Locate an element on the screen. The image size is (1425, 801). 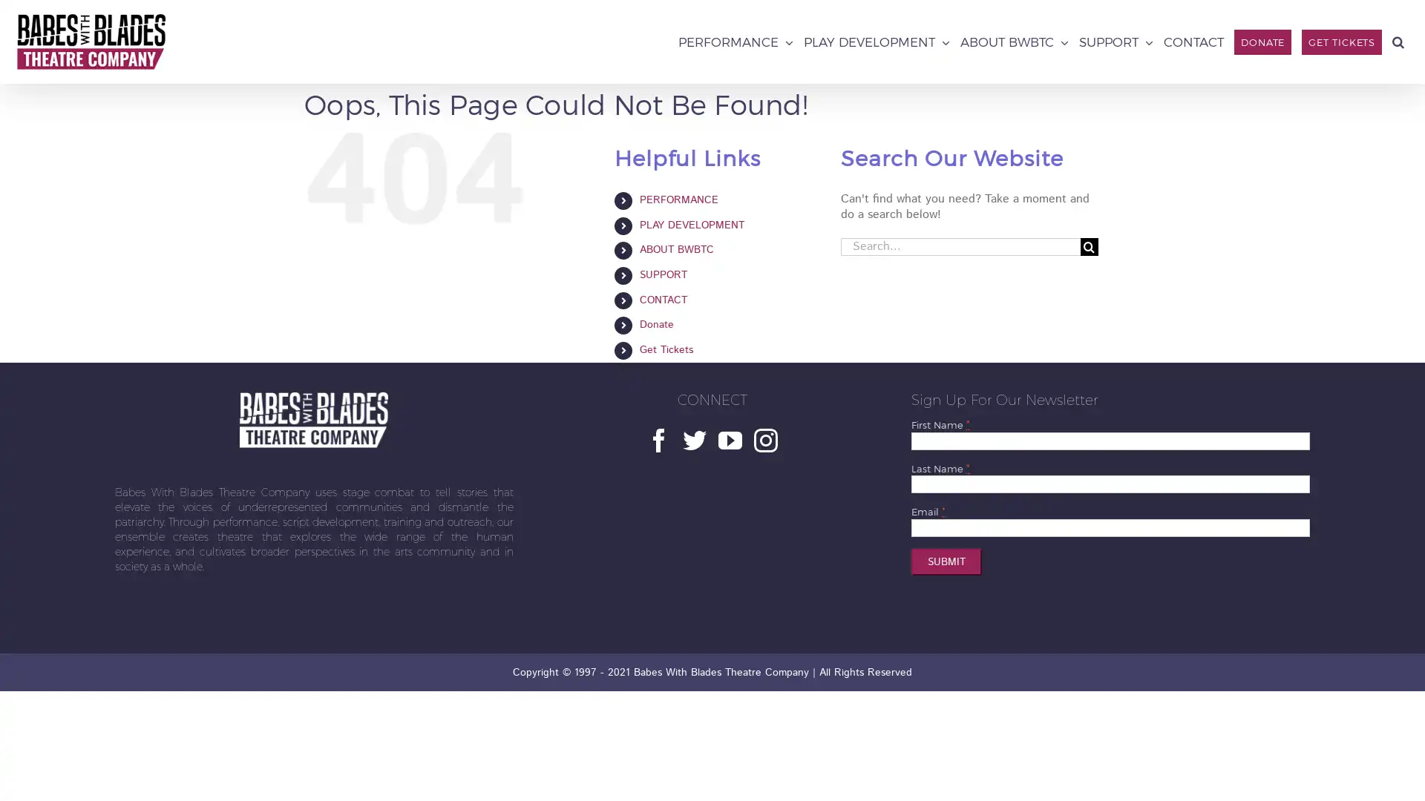
Submit is located at coordinates (946, 562).